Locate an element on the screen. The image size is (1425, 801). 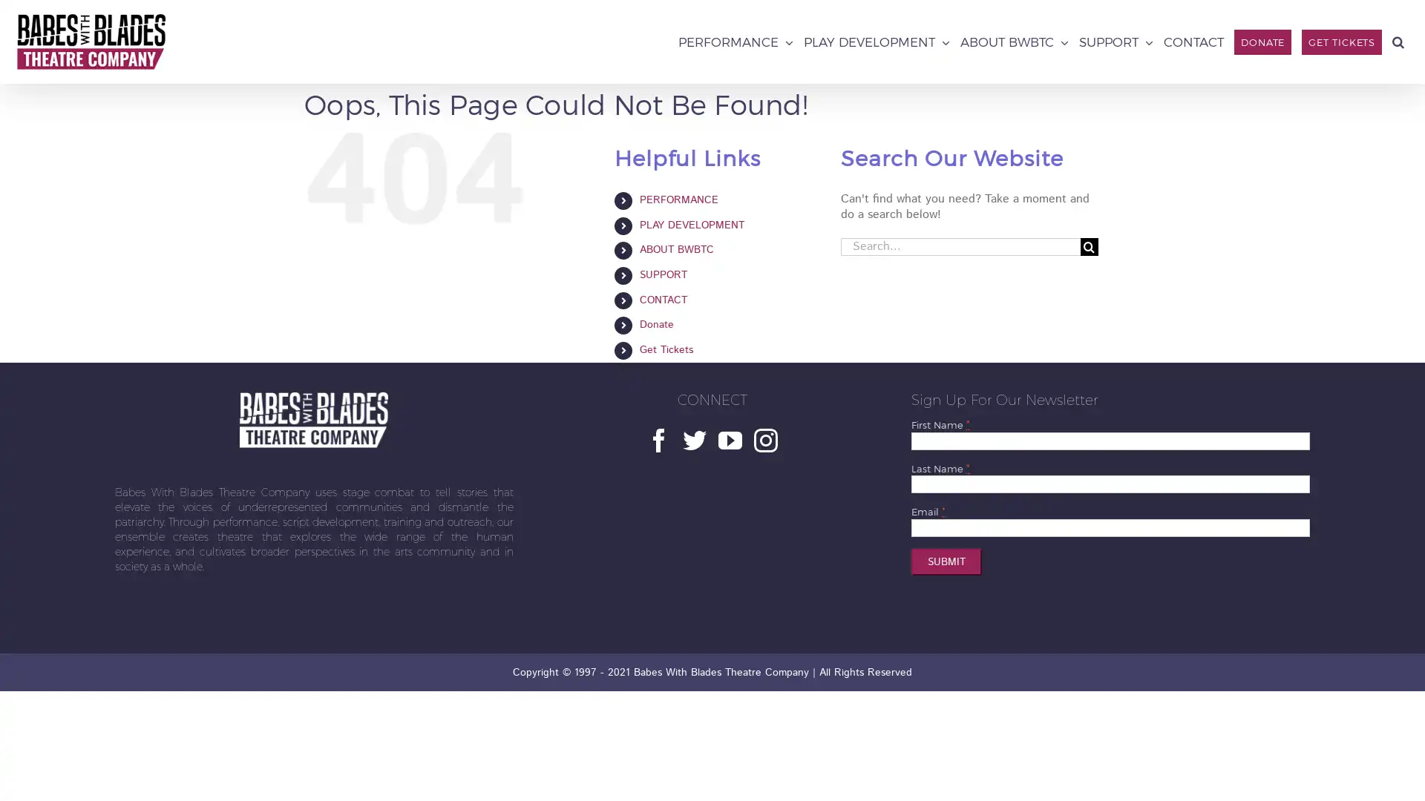
Submit is located at coordinates (946, 562).